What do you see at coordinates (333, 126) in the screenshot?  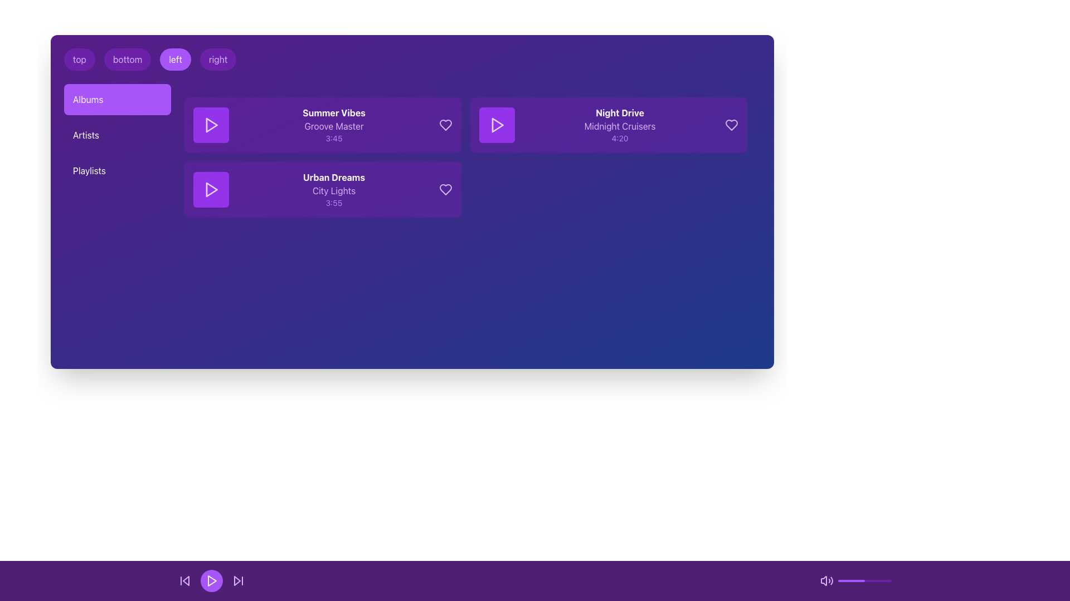 I see `the text label that describes the artist or album name associated with the music track, located within the card layout under the title 'Summer Vibes' and above the duration '3:45'` at bounding box center [333, 126].